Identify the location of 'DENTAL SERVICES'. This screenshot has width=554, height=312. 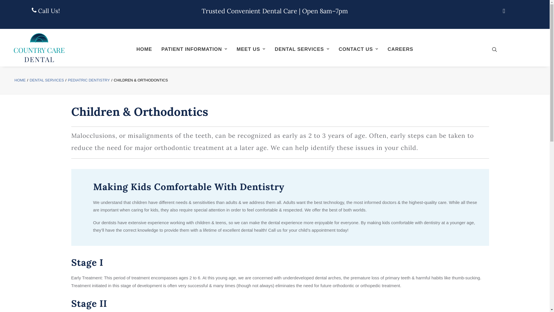
(302, 49).